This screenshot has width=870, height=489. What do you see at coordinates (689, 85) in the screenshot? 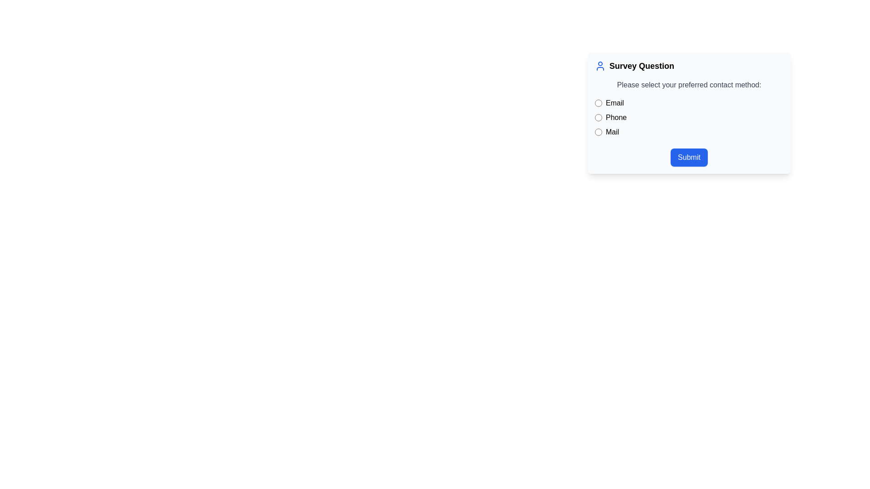
I see `the guidance text label prompting the user to select their preferred contact method, which is located below the title 'Survey Question' and above the radio buttons for 'Email', 'Phone', and 'Mail'` at bounding box center [689, 85].